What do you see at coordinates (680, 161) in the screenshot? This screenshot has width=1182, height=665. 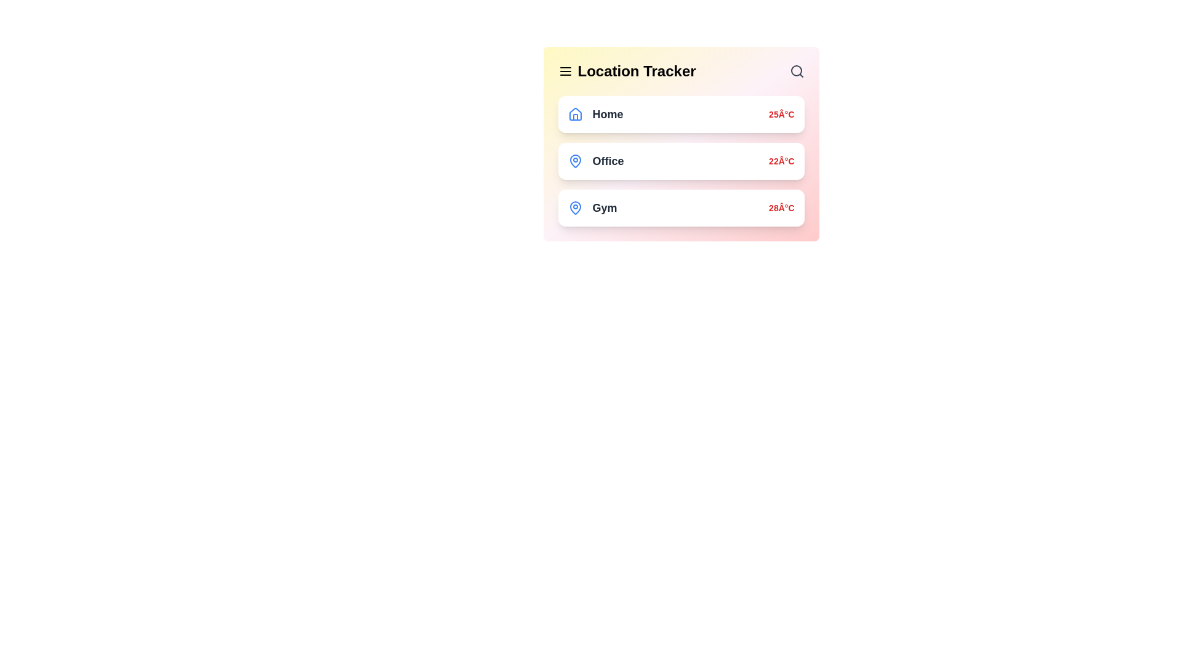 I see `the location item labeled Office` at bounding box center [680, 161].